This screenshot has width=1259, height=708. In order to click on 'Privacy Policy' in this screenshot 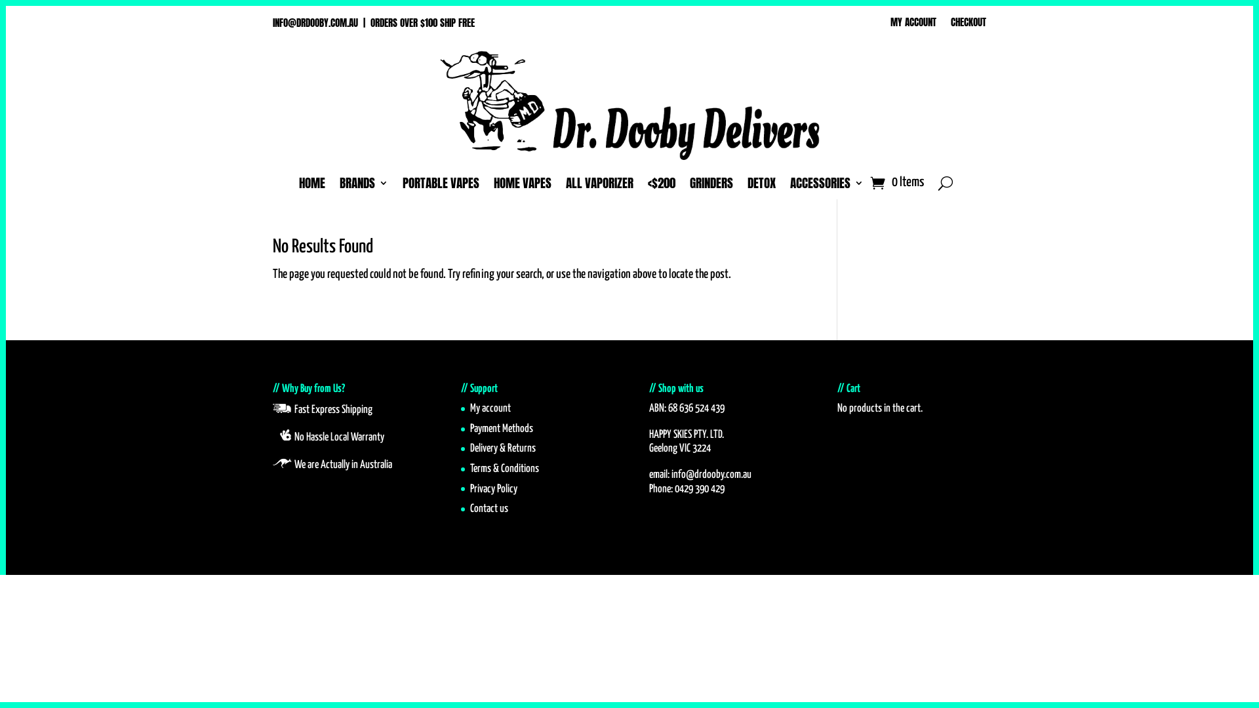, I will do `click(470, 489)`.